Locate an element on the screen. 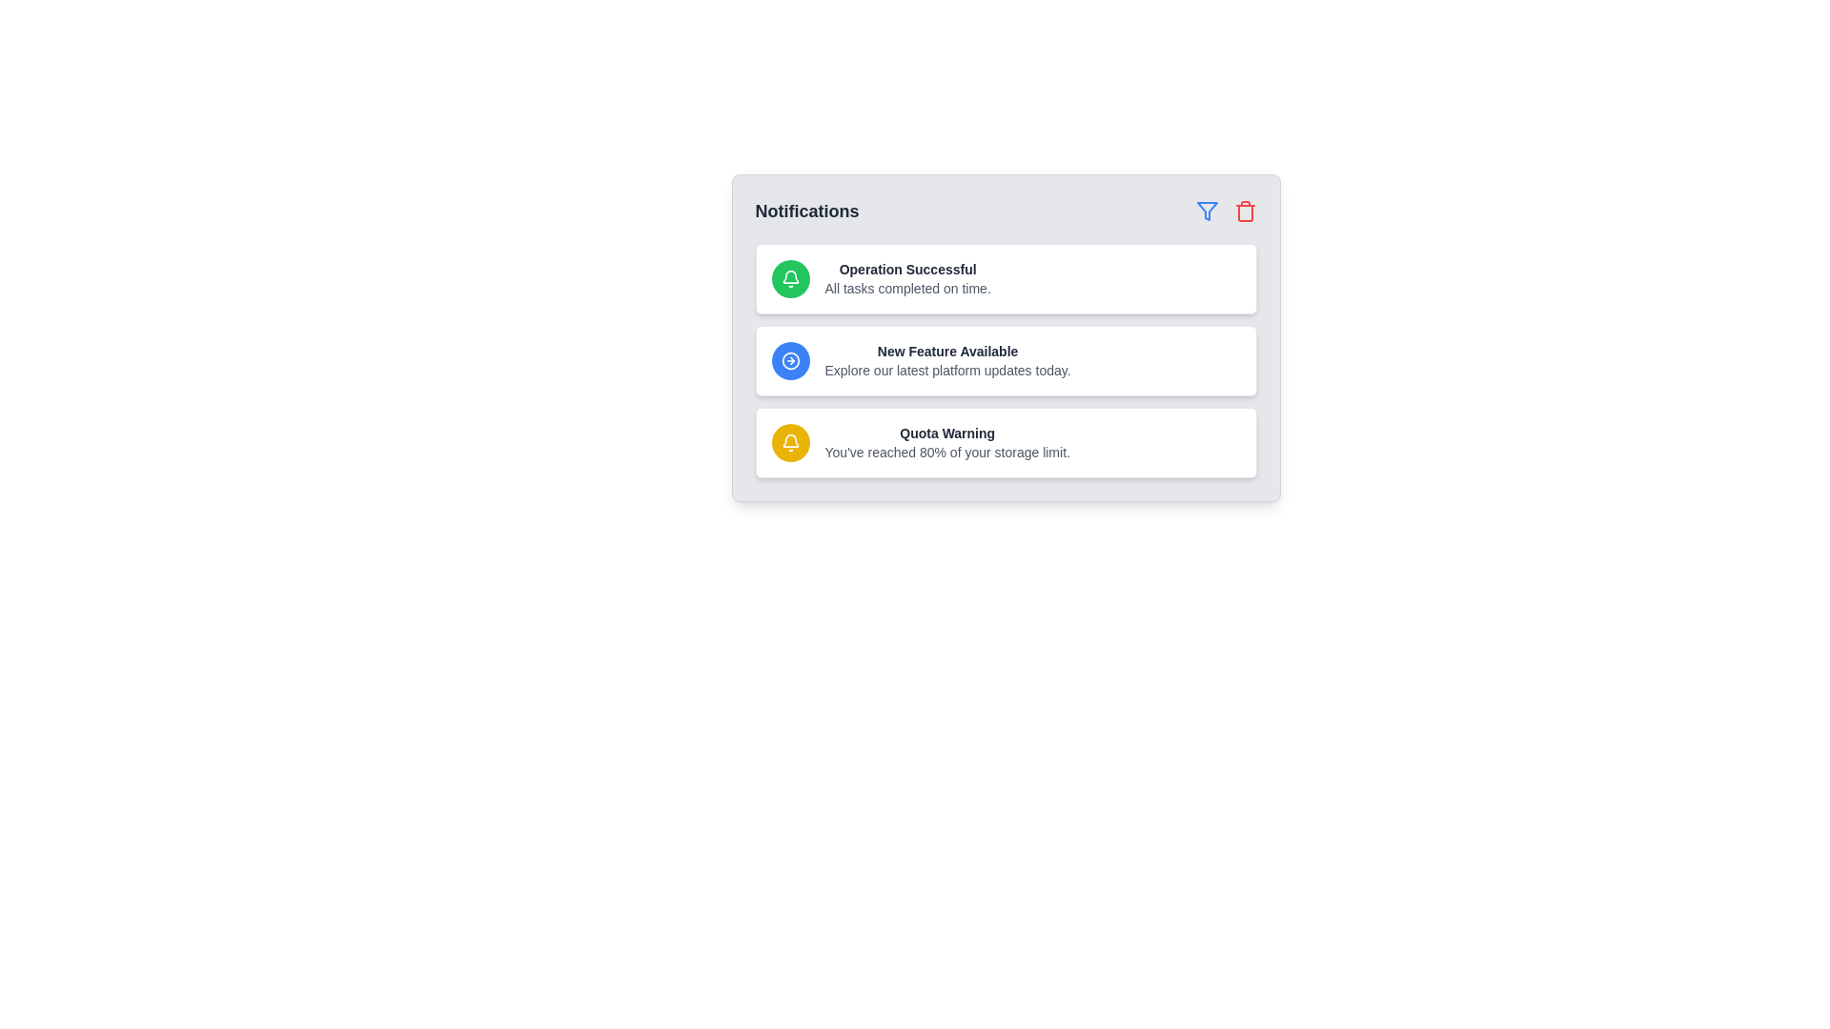  the text label that says 'All tasks completed on time.' located directly below 'Operation Successful' in the first notification block of the notifications panel is located at coordinates (906, 289).